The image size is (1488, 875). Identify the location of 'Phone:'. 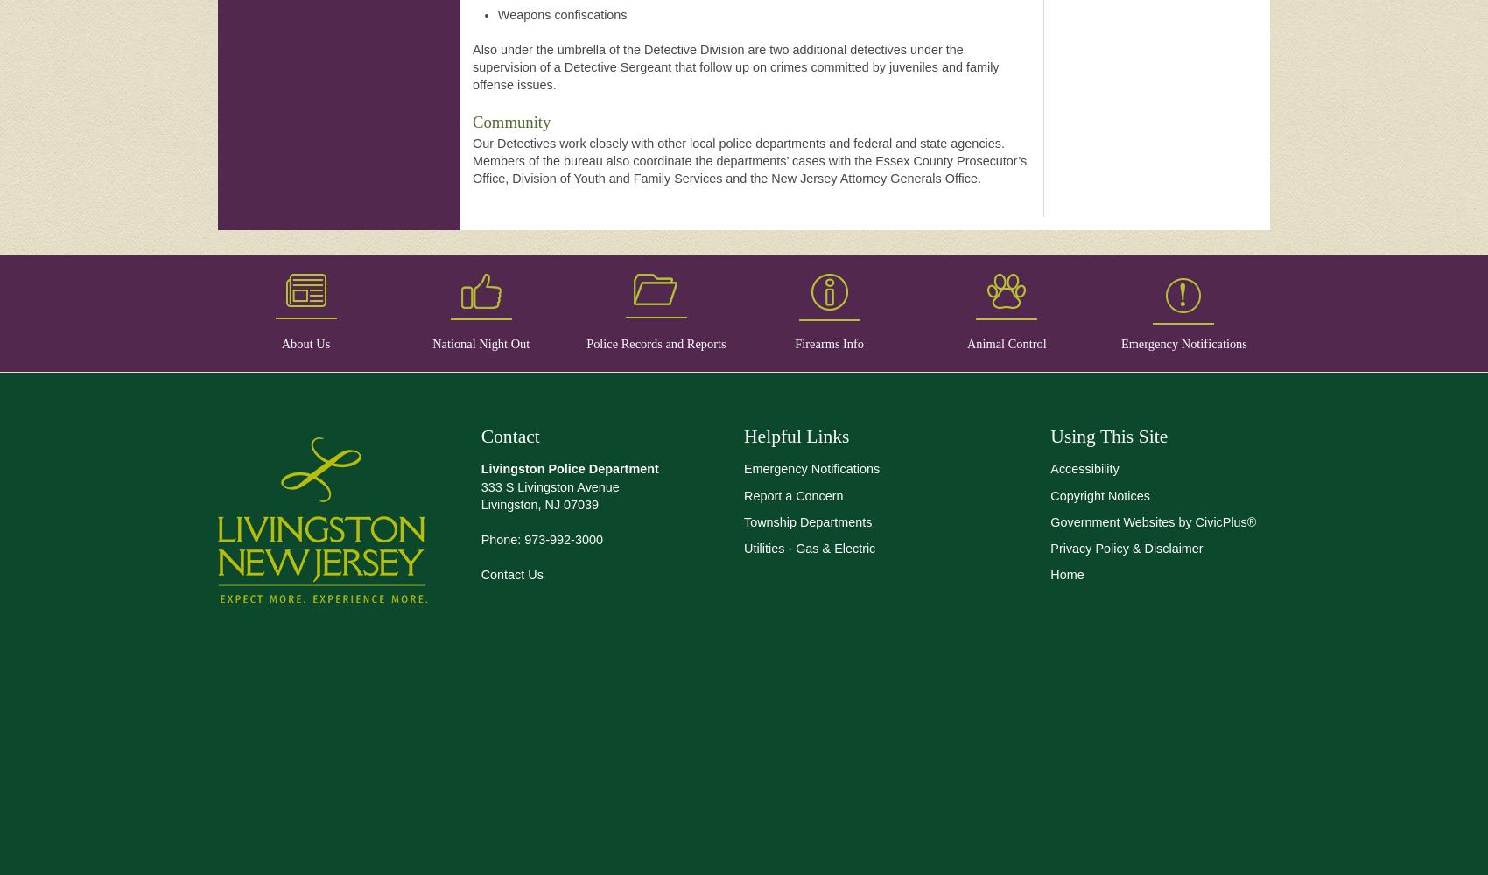
(501, 539).